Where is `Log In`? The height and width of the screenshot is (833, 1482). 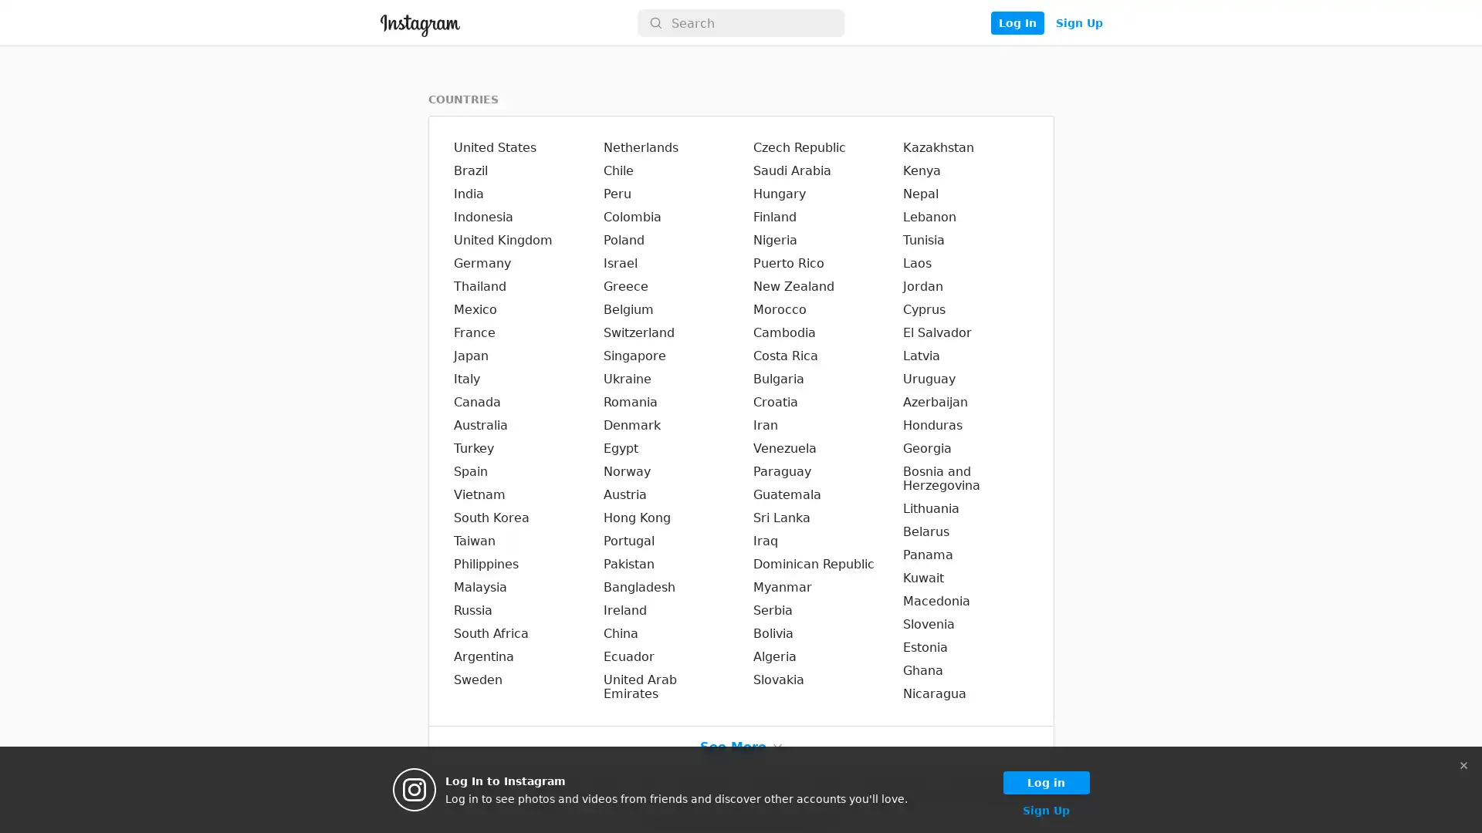
Log In is located at coordinates (1017, 23).